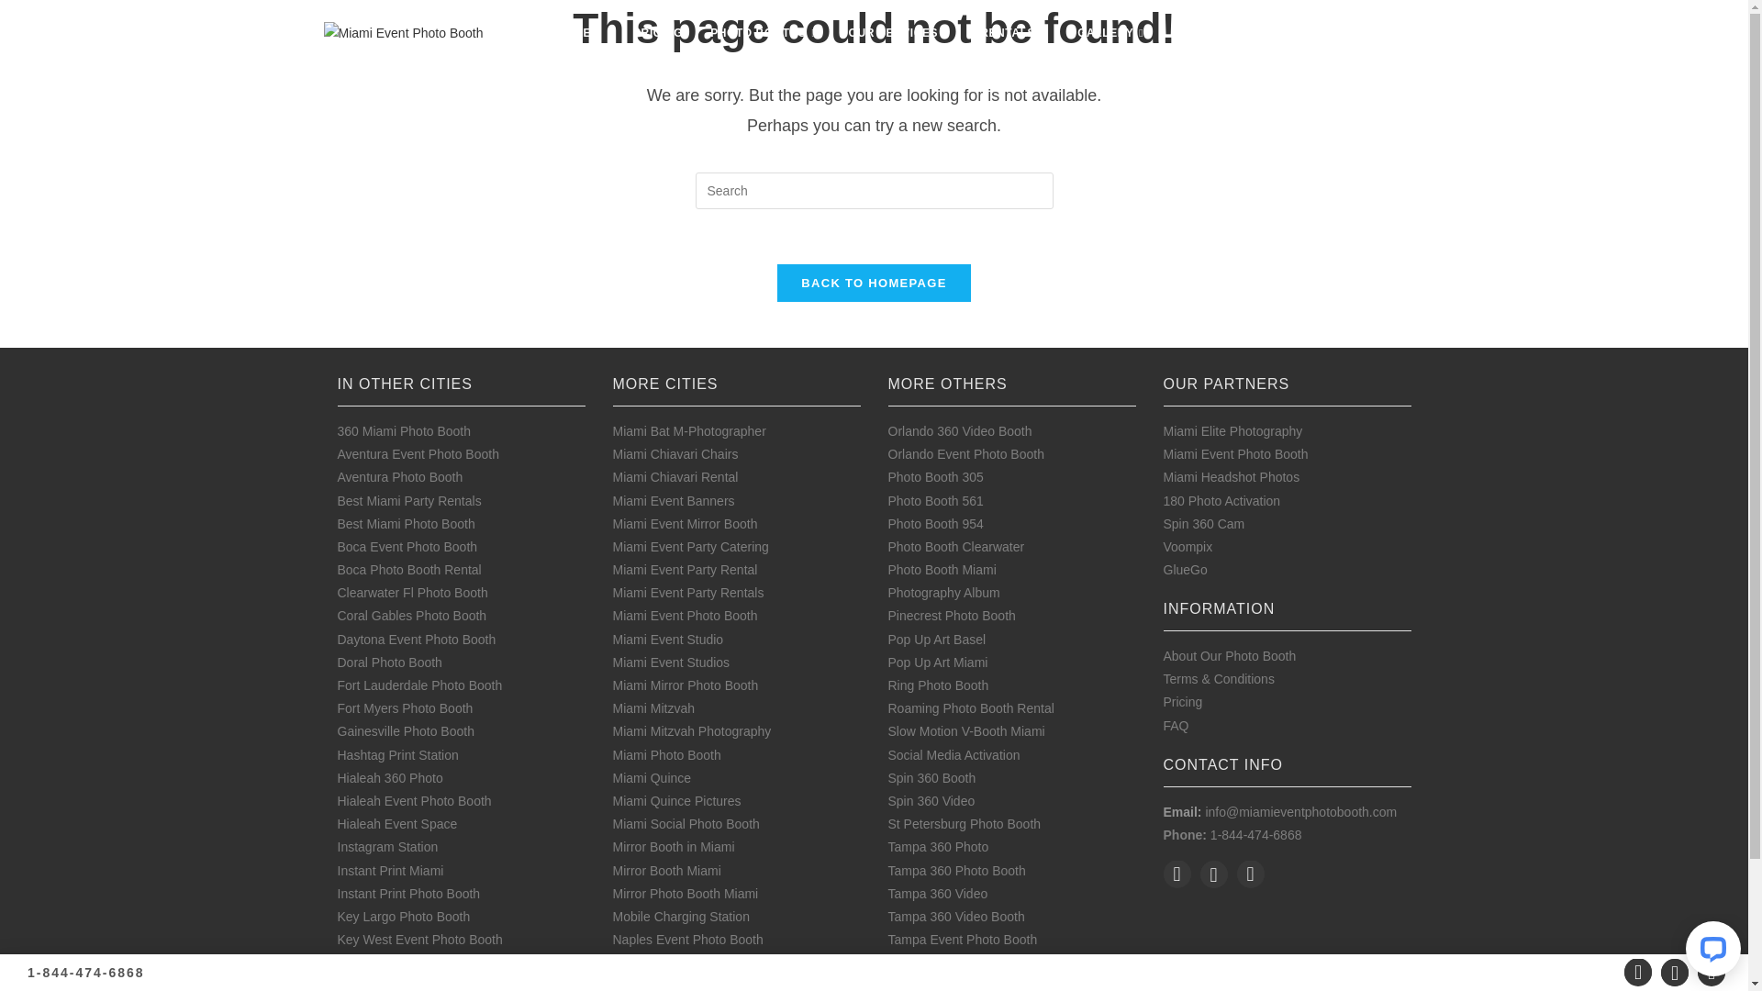 This screenshot has width=1762, height=991. Describe the element at coordinates (888, 730) in the screenshot. I see `'Slow Motion V-Booth Miami'` at that location.